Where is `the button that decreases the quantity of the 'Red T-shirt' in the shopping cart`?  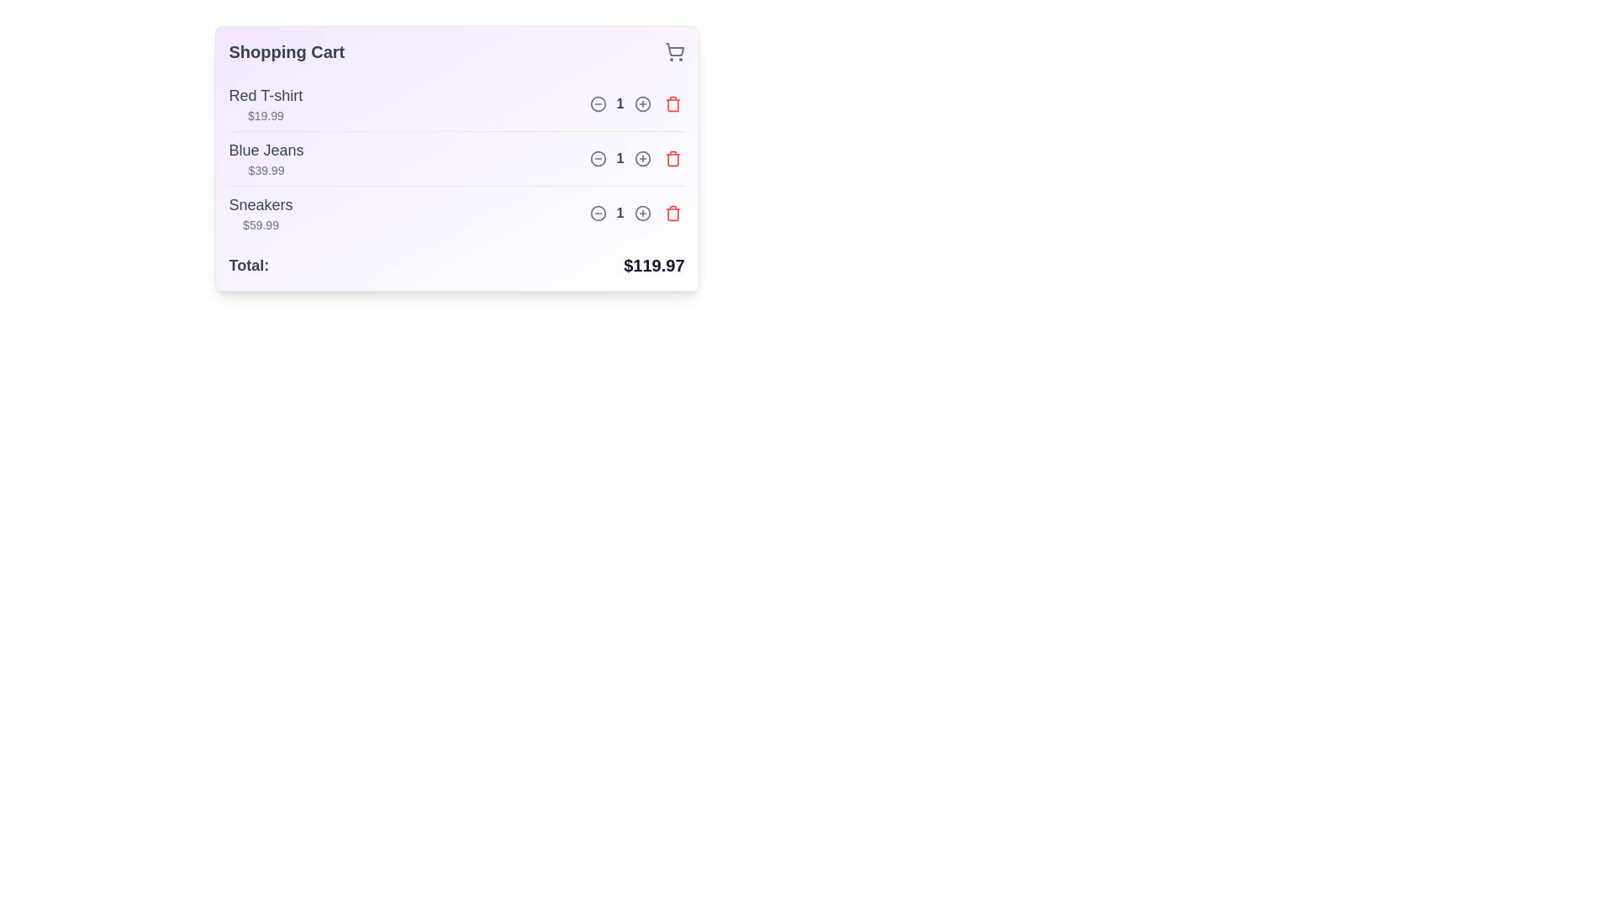
the button that decreases the quantity of the 'Red T-shirt' in the shopping cart is located at coordinates (598, 103).